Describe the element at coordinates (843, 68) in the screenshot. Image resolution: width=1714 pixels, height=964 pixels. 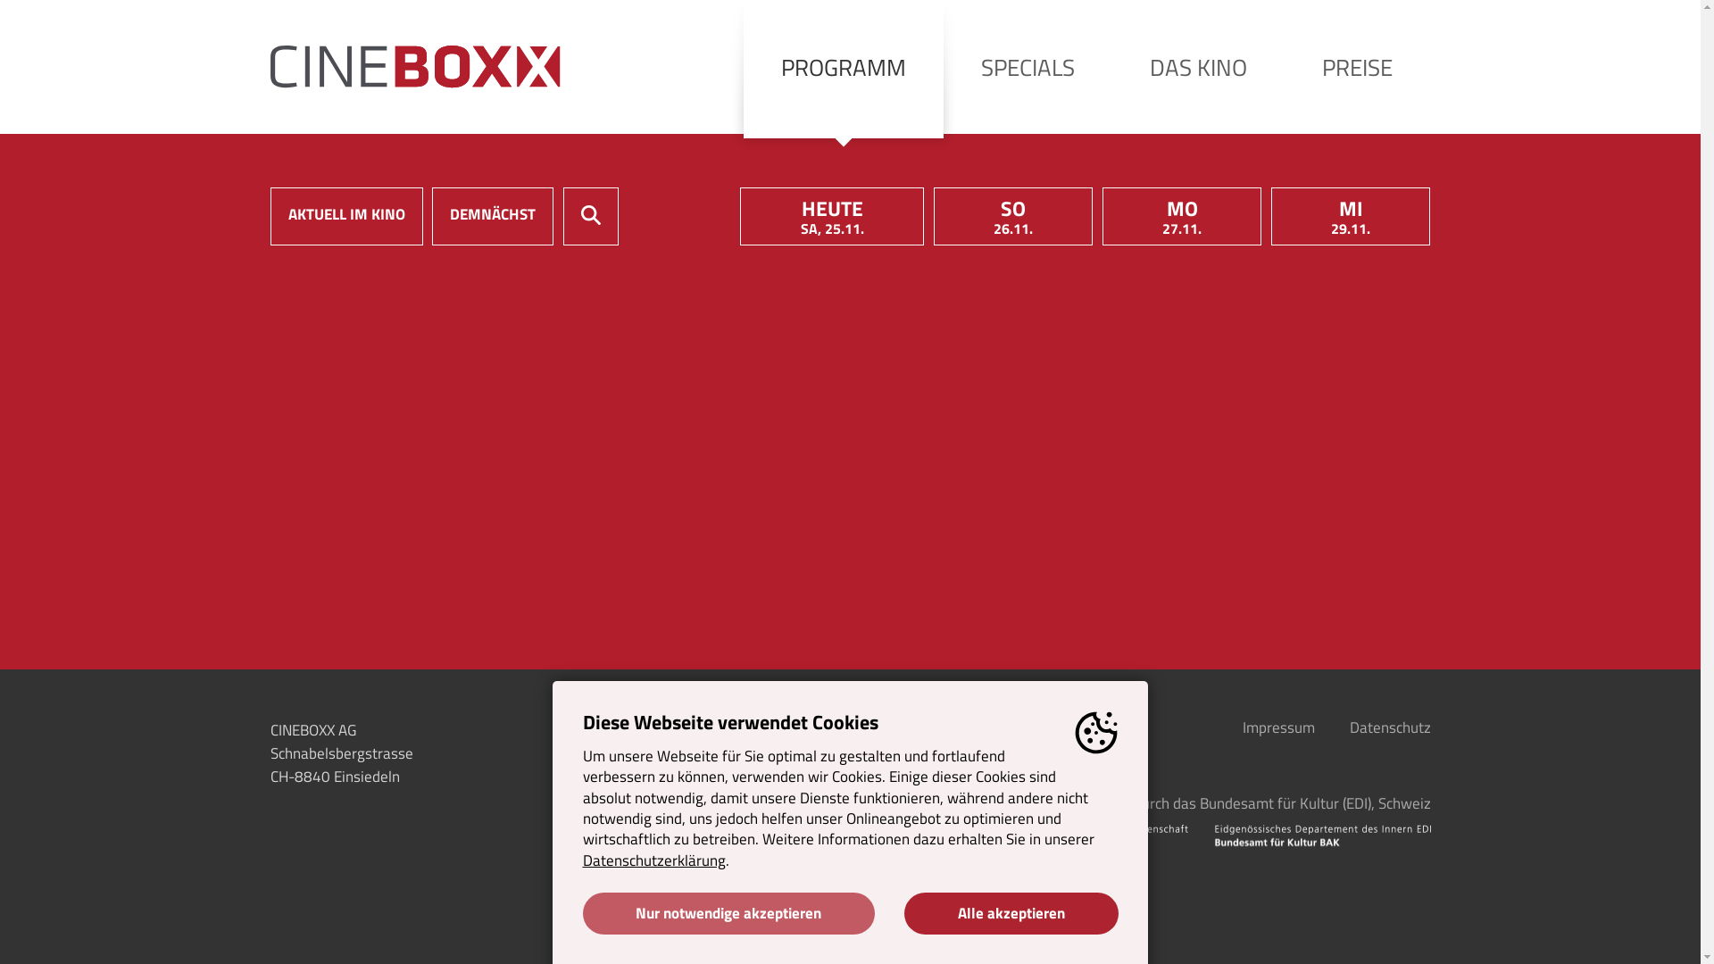
I see `'PROGRAMM'` at that location.